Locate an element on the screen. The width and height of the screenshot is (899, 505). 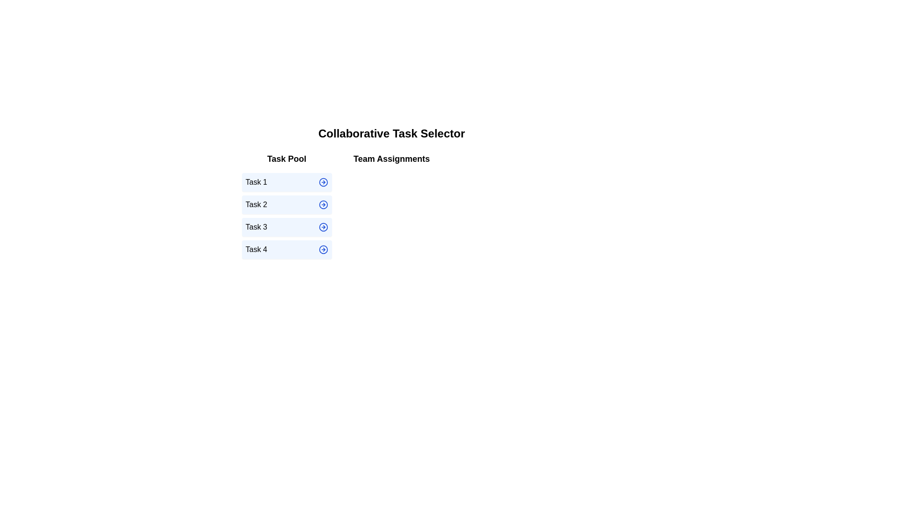
the arrow icon next to the task Task 1 in the Task Pool to move it to Team Assignments is located at coordinates (323, 182).